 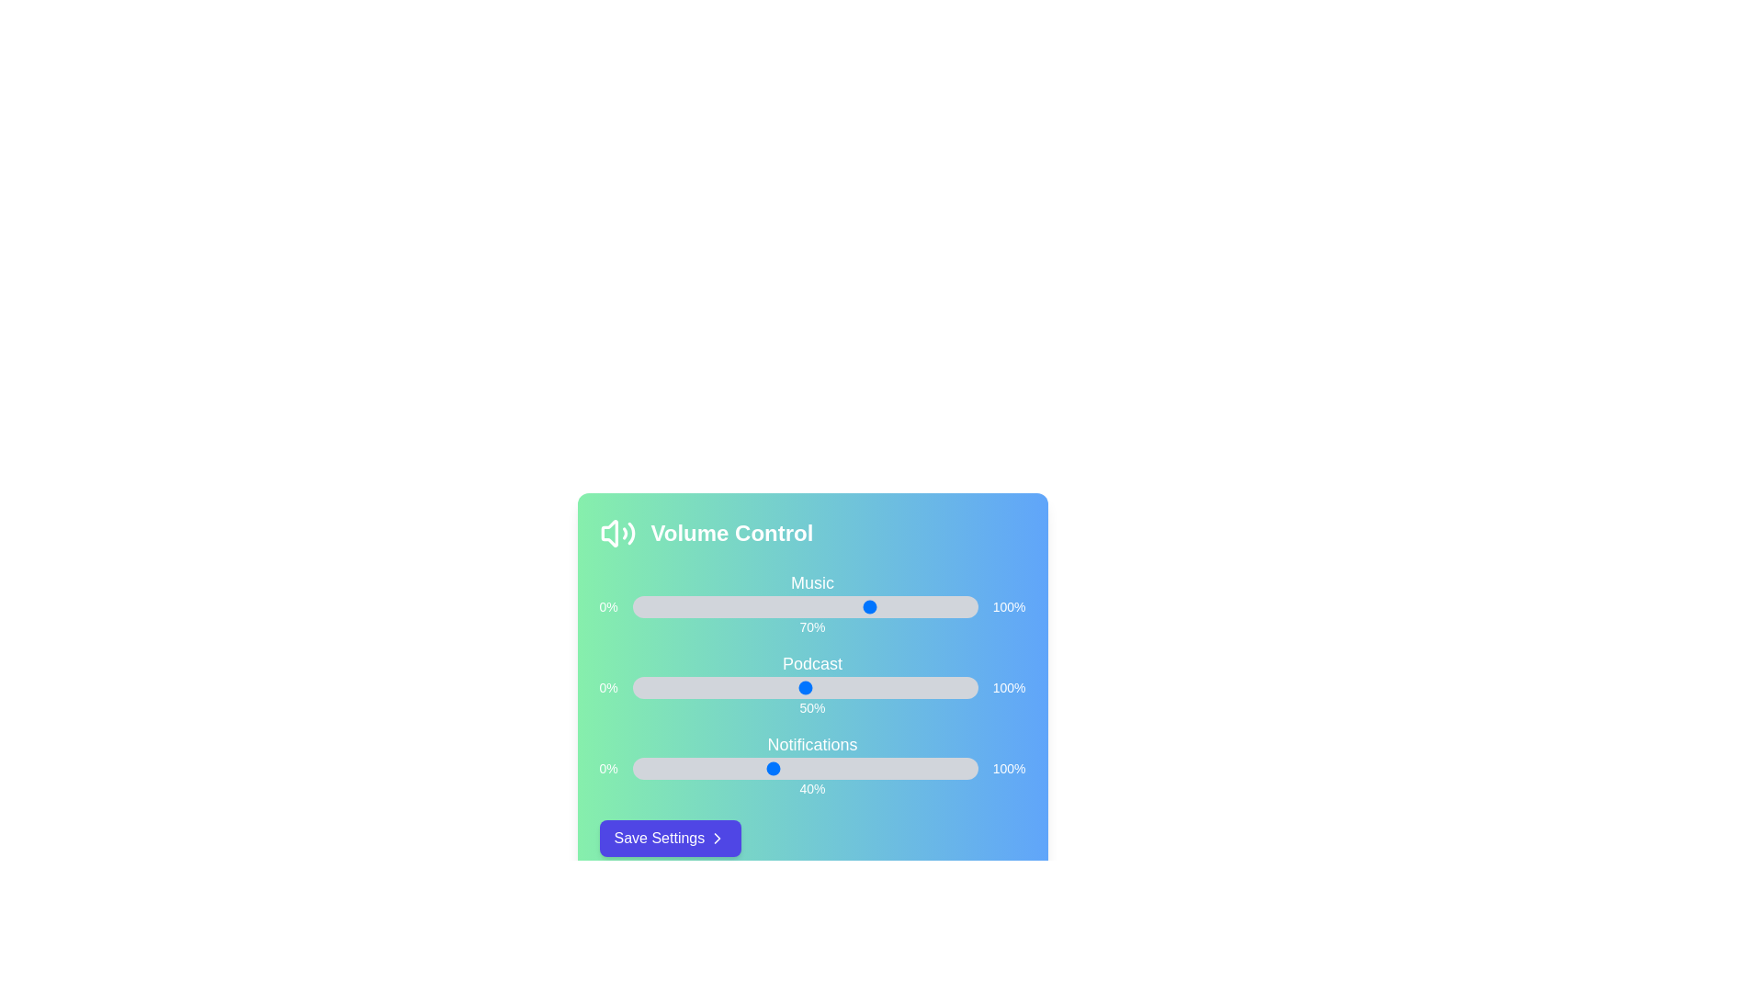 What do you see at coordinates (946, 769) in the screenshot?
I see `the 'Notifications' volume slider to 91%` at bounding box center [946, 769].